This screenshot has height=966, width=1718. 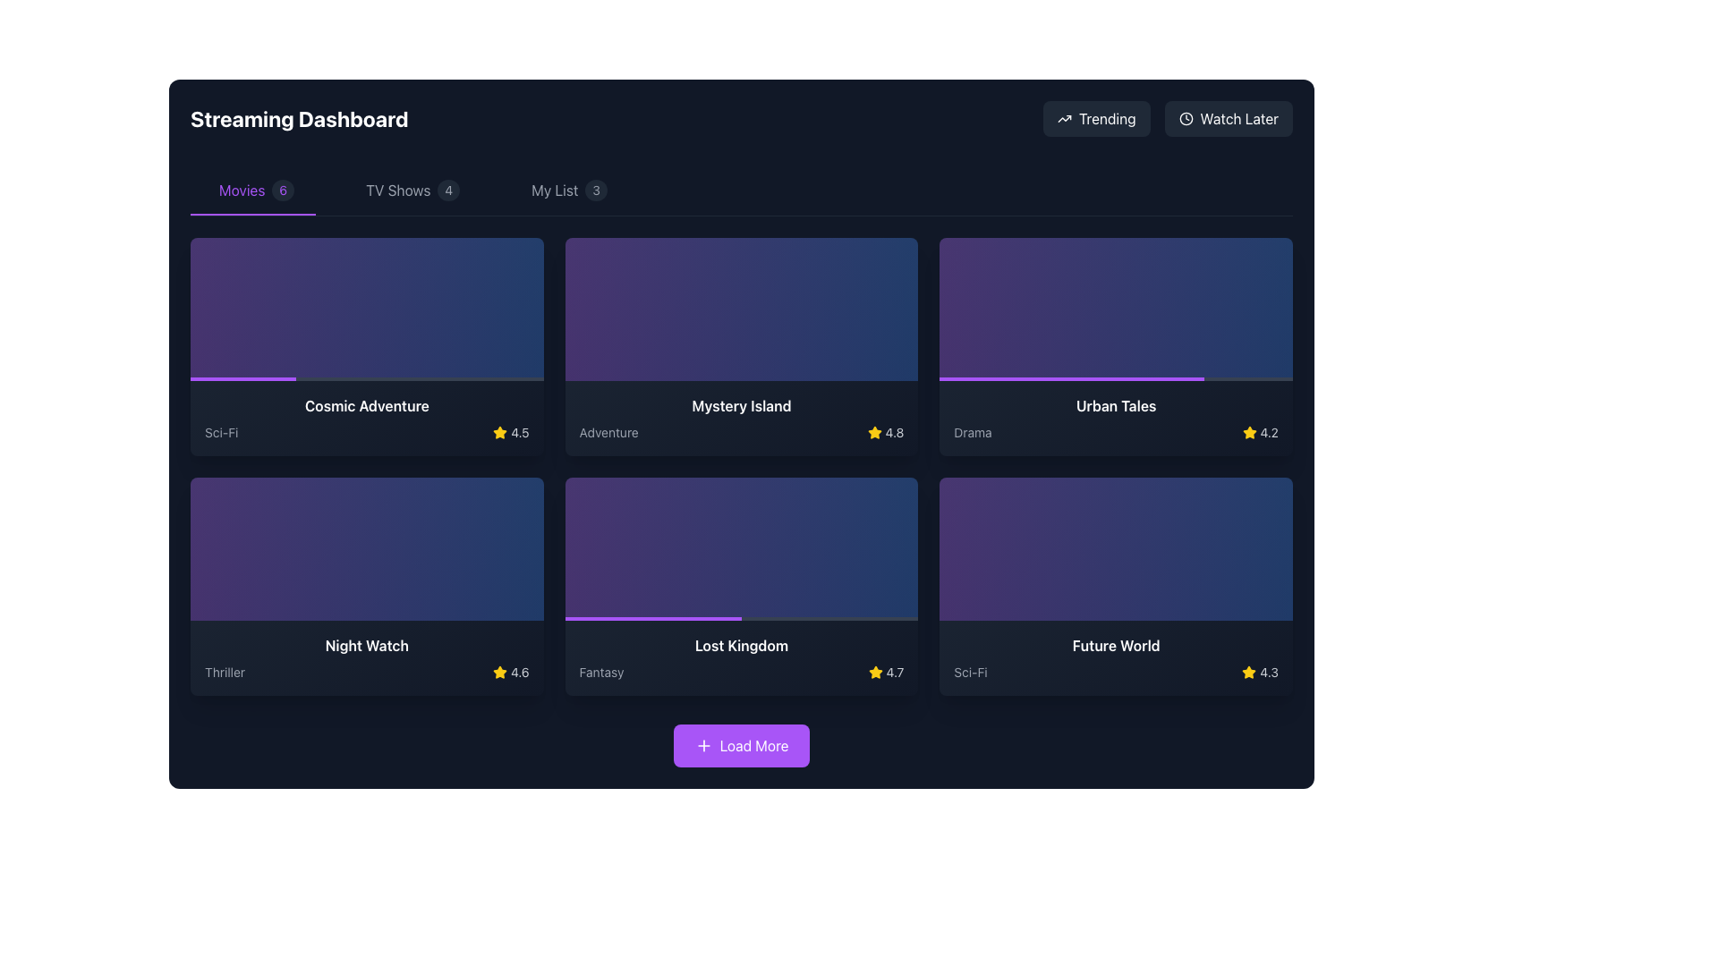 What do you see at coordinates (366, 406) in the screenshot?
I see `text from the title label of the featured movie, which is positioned in the first column of the first row in the 'Movies' section` at bounding box center [366, 406].